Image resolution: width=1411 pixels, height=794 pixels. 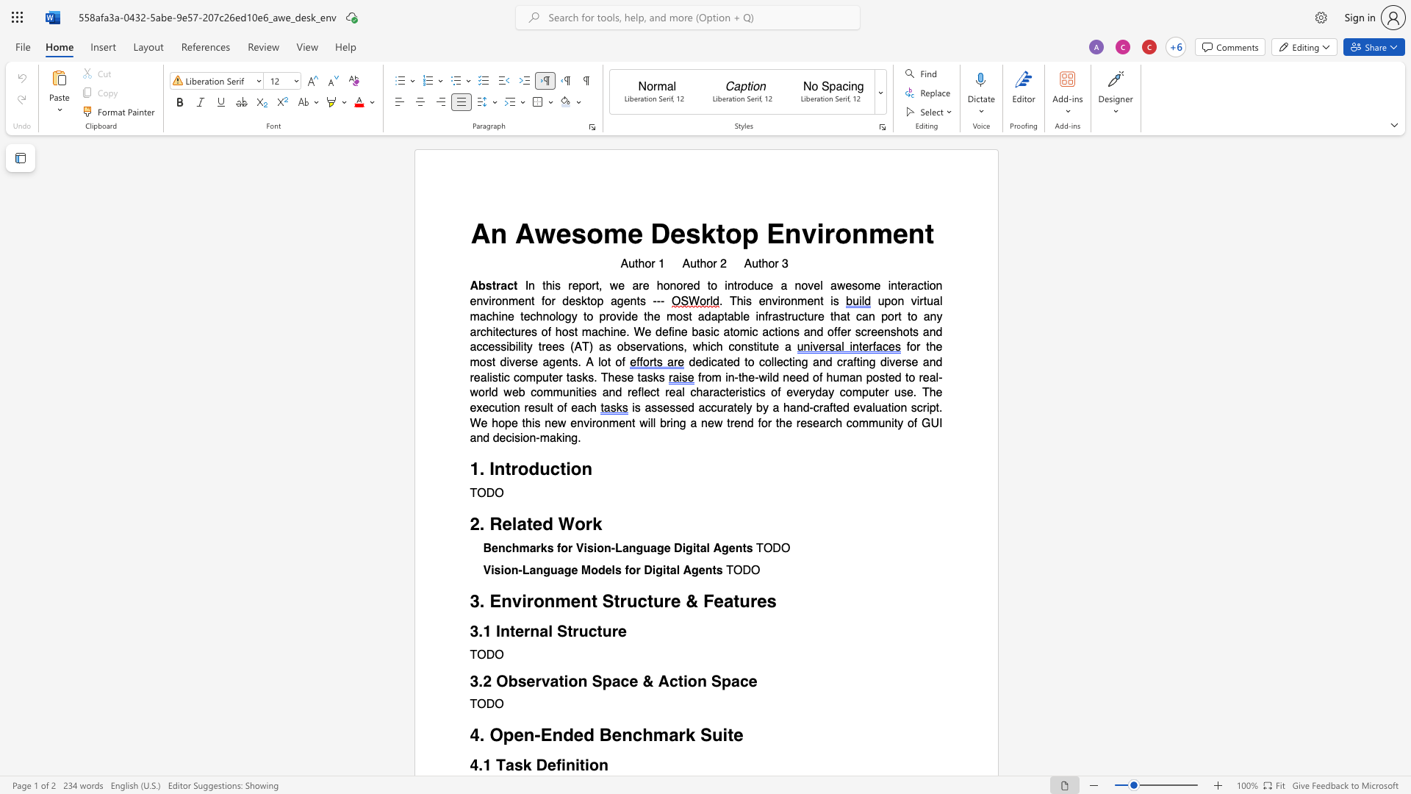 What do you see at coordinates (579, 423) in the screenshot?
I see `the 2th character "n" in the text` at bounding box center [579, 423].